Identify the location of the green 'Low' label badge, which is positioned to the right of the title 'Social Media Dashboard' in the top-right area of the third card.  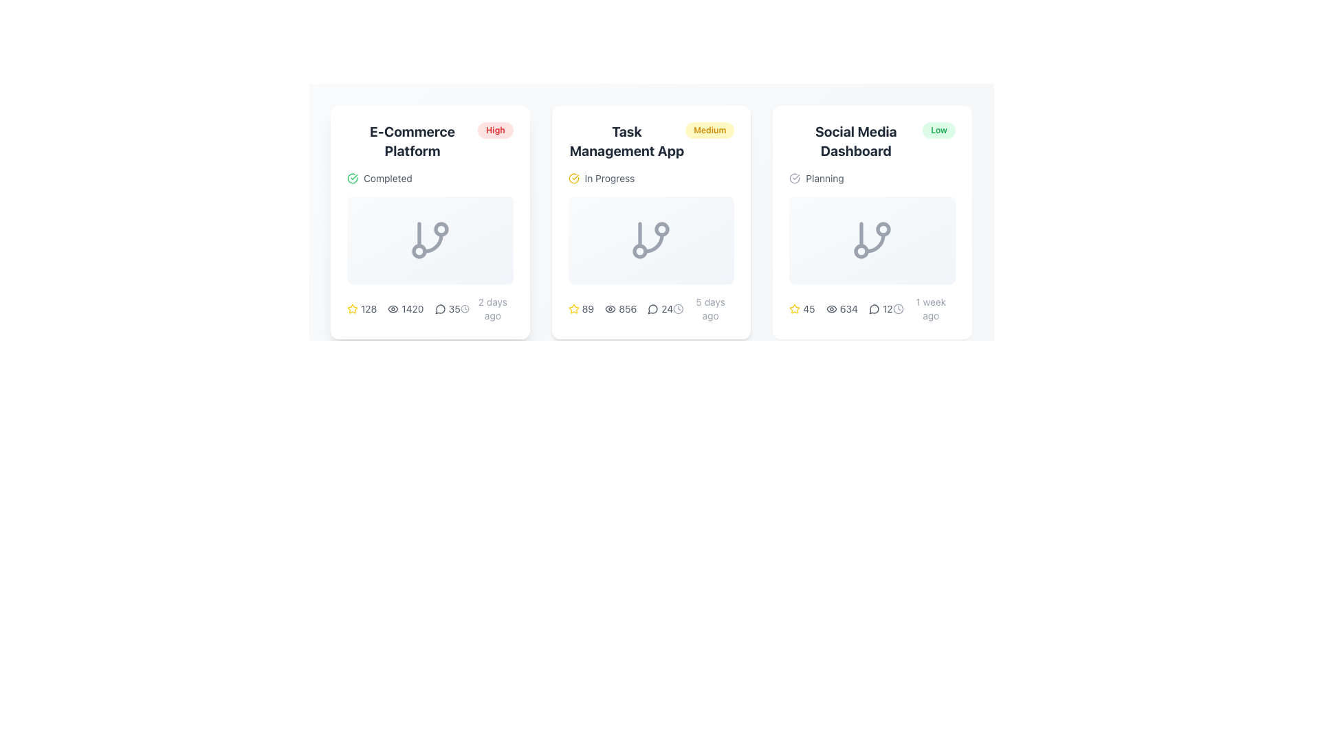
(938, 130).